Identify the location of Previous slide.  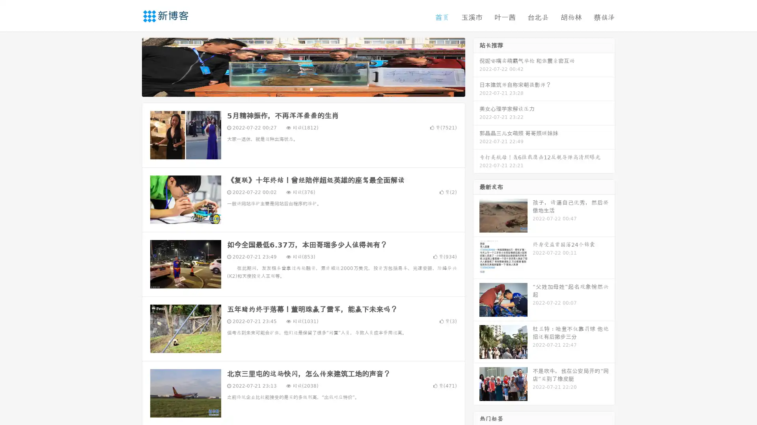
(130, 66).